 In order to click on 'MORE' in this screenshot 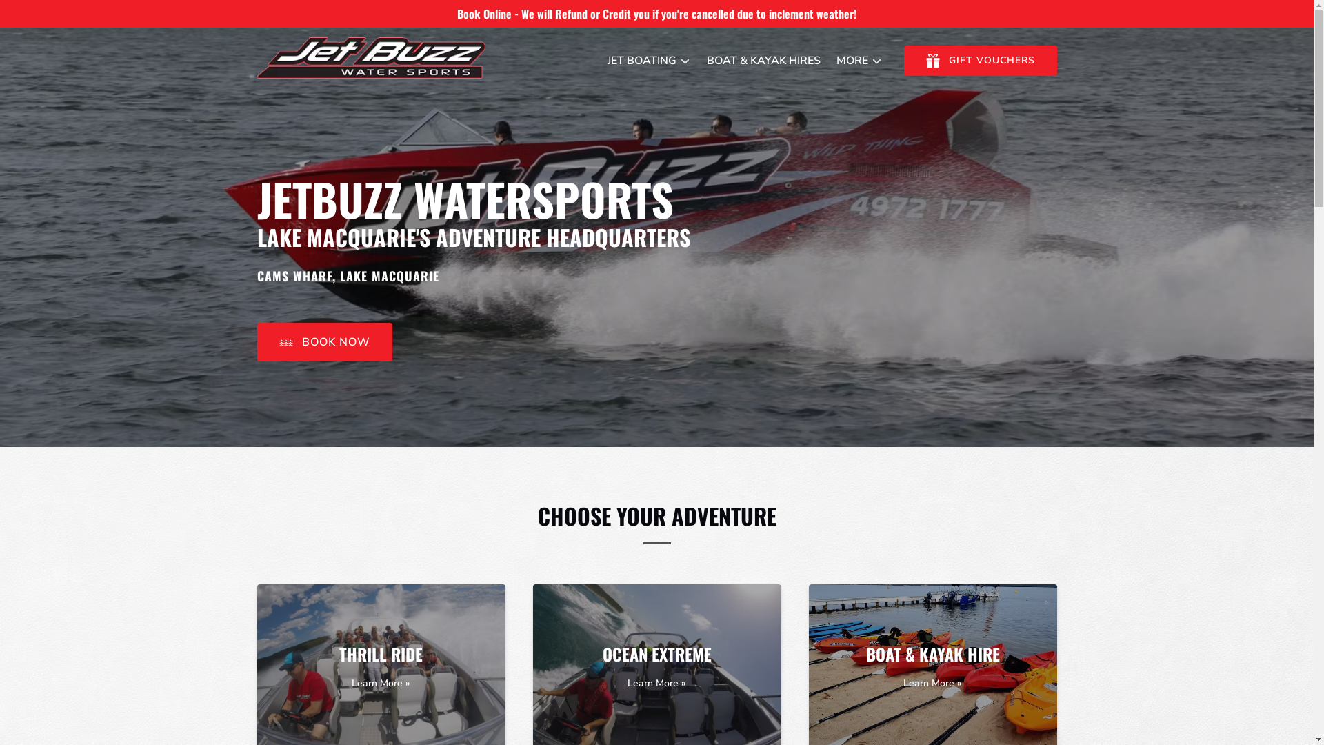, I will do `click(827, 60)`.